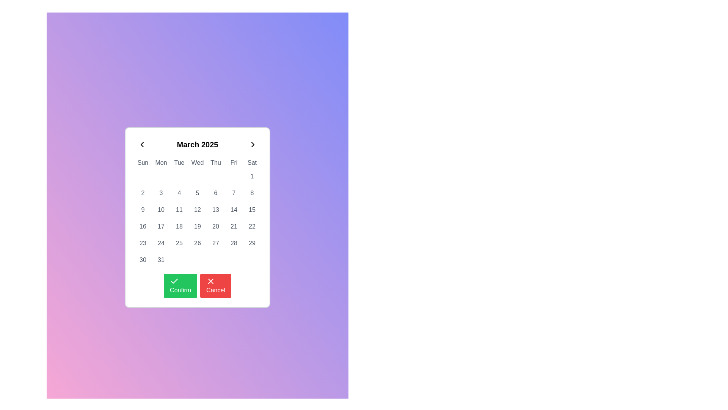  Describe the element at coordinates (143, 226) in the screenshot. I see `the selectable date button representing the 16th of March 2025 in the calendar interface` at that location.